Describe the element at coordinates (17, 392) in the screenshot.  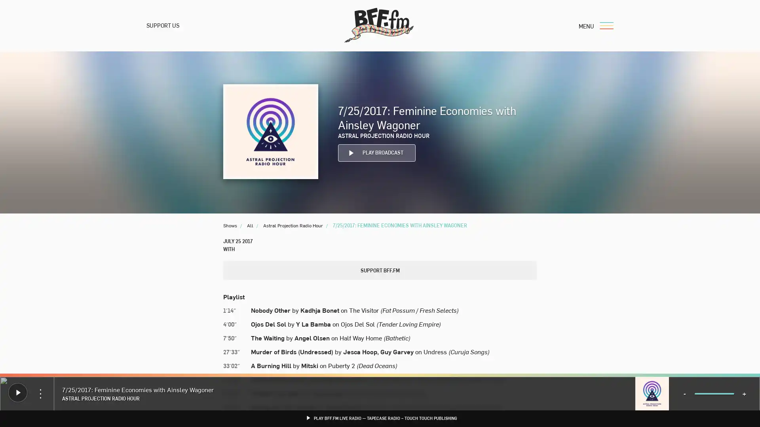
I see `Play` at that location.